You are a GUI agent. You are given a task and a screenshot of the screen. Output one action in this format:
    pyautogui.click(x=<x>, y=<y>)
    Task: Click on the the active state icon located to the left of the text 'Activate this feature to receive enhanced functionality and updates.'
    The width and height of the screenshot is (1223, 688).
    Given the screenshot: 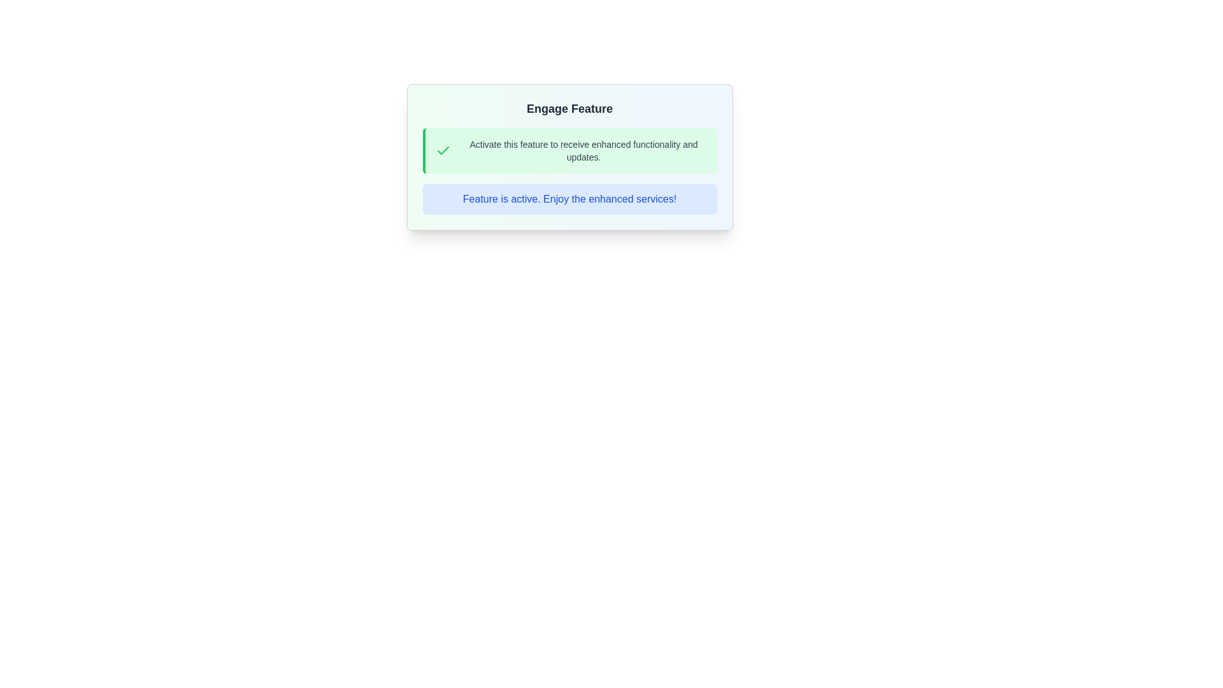 What is the action you would take?
    pyautogui.click(x=443, y=150)
    